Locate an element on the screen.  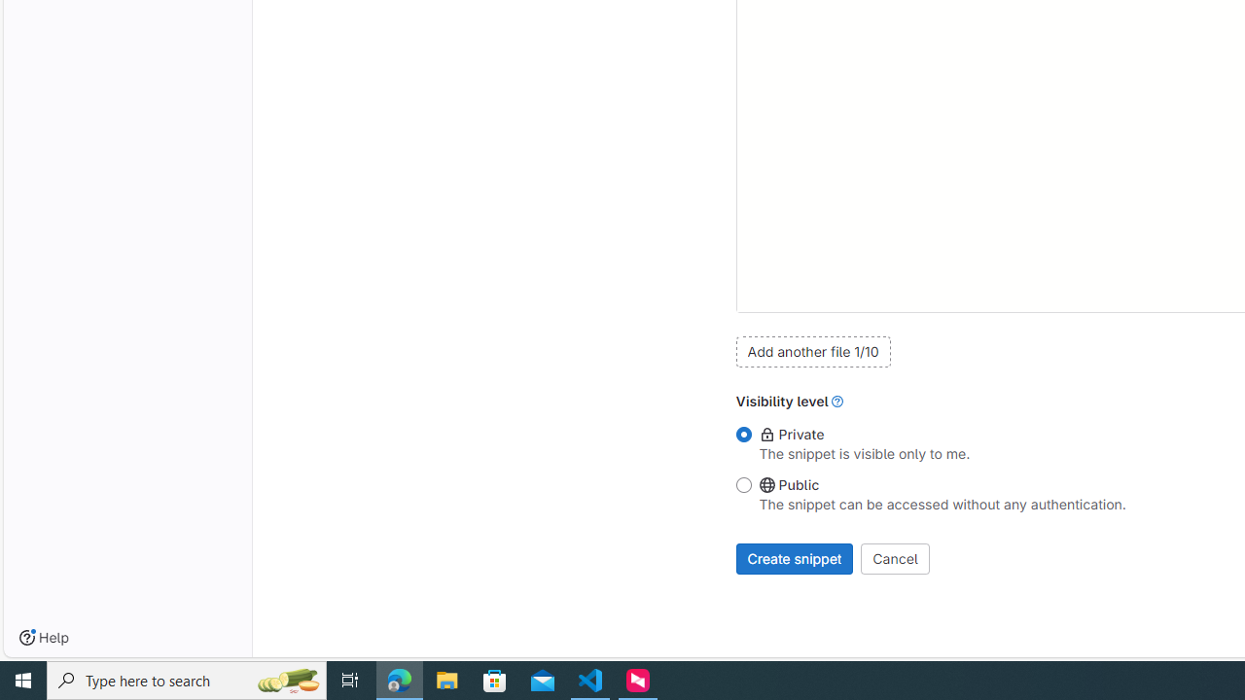
'Help' is located at coordinates (44, 637).